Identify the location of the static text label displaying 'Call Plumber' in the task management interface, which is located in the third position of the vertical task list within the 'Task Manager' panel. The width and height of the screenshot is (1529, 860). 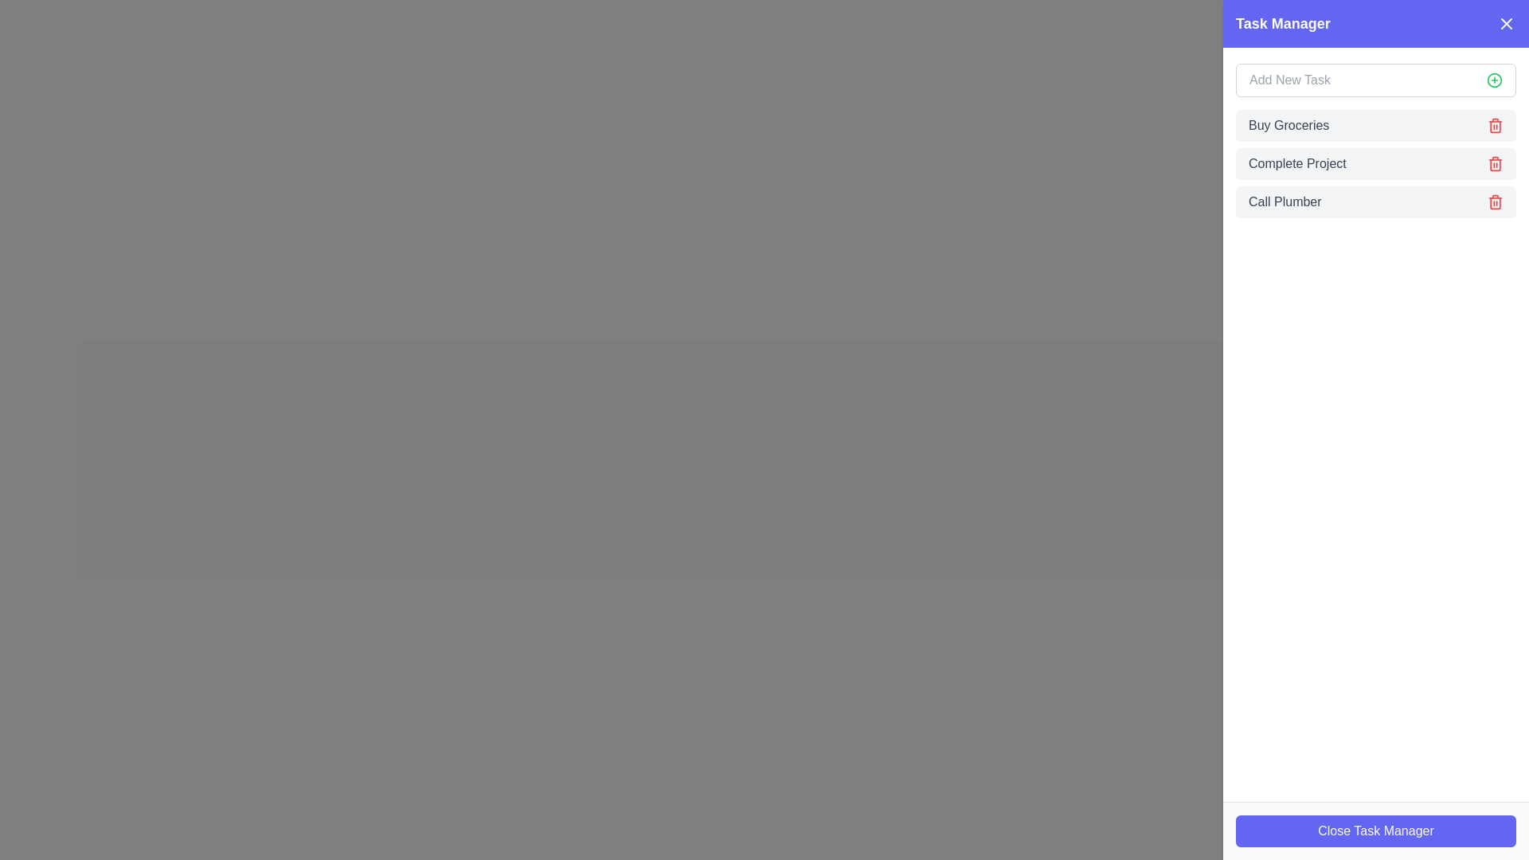
(1285, 201).